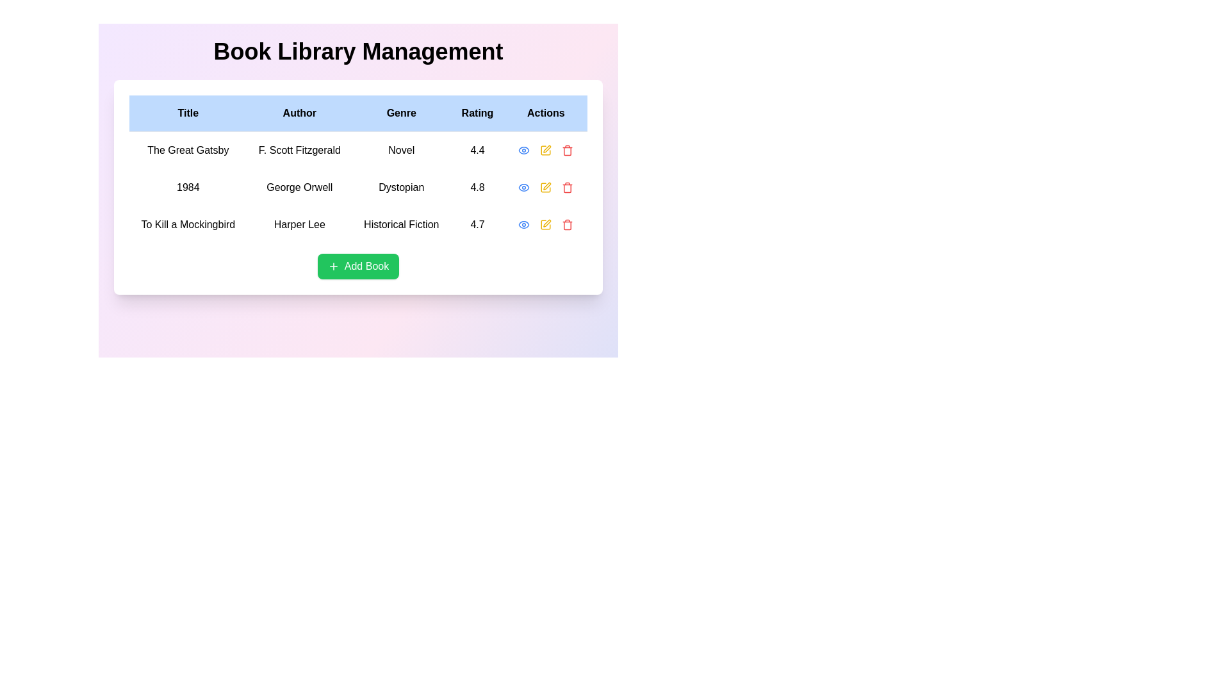  Describe the element at coordinates (567, 188) in the screenshot. I see `the delete action icon button, which is the rightmost item in the second row of the 'Actions' column in the table, immediately following the yellow pencil icon` at that location.